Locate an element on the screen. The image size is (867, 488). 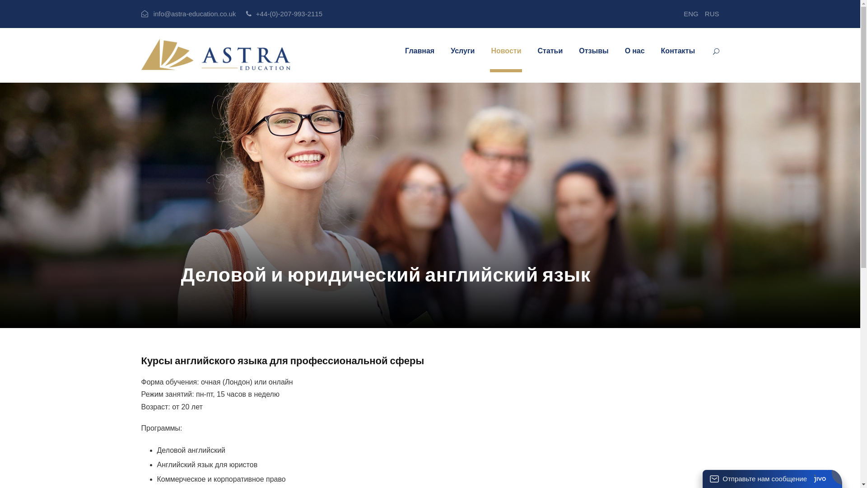
'+44-(0)-207-993-2115' is located at coordinates (289, 14).